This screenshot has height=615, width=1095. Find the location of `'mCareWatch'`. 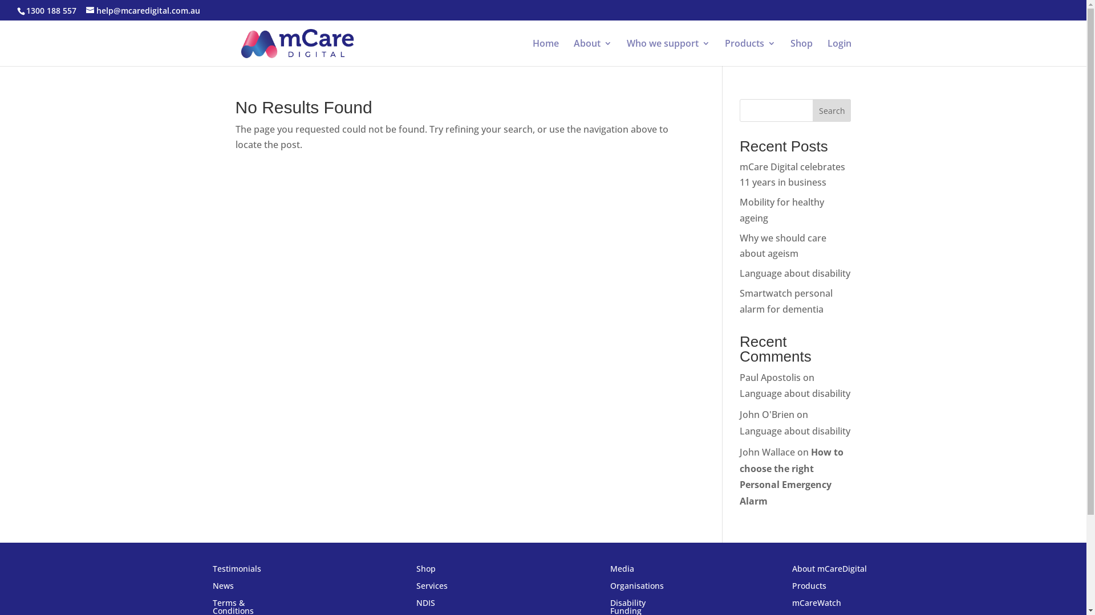

'mCareWatch' is located at coordinates (816, 605).